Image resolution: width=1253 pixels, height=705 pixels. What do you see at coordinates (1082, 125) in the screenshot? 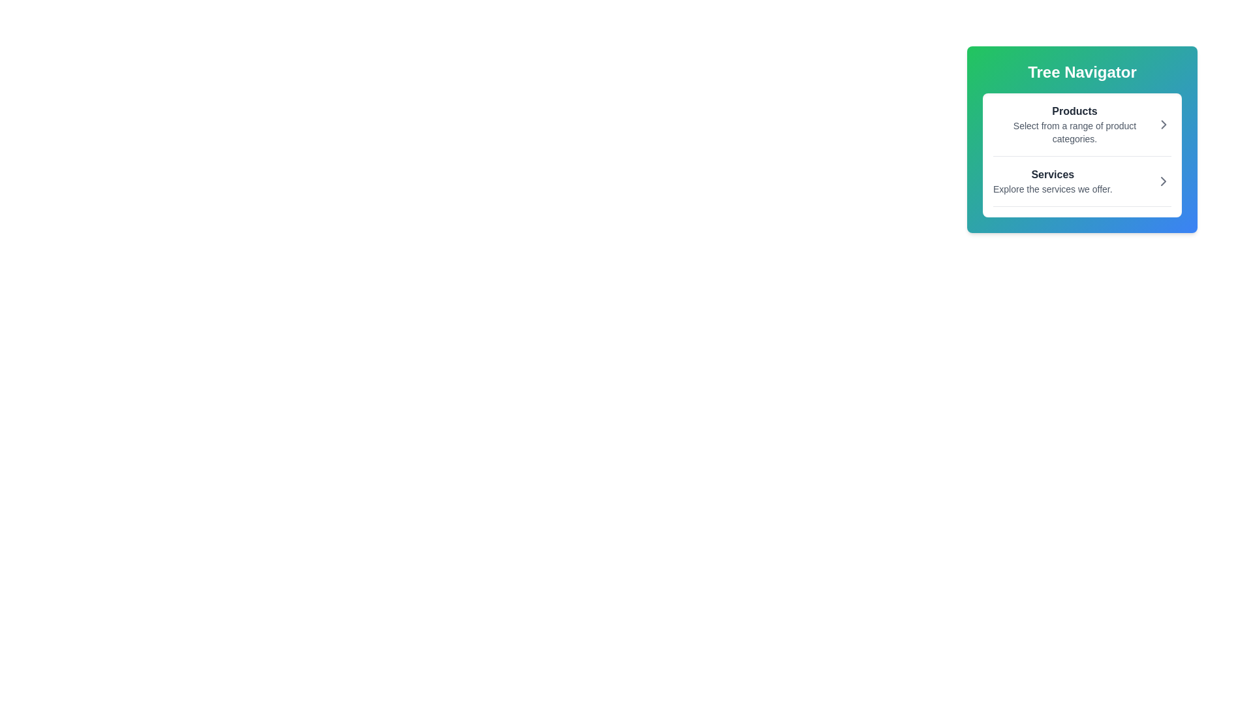
I see `the navigational link labeled 'Products' which contains a bold heading and a description` at bounding box center [1082, 125].